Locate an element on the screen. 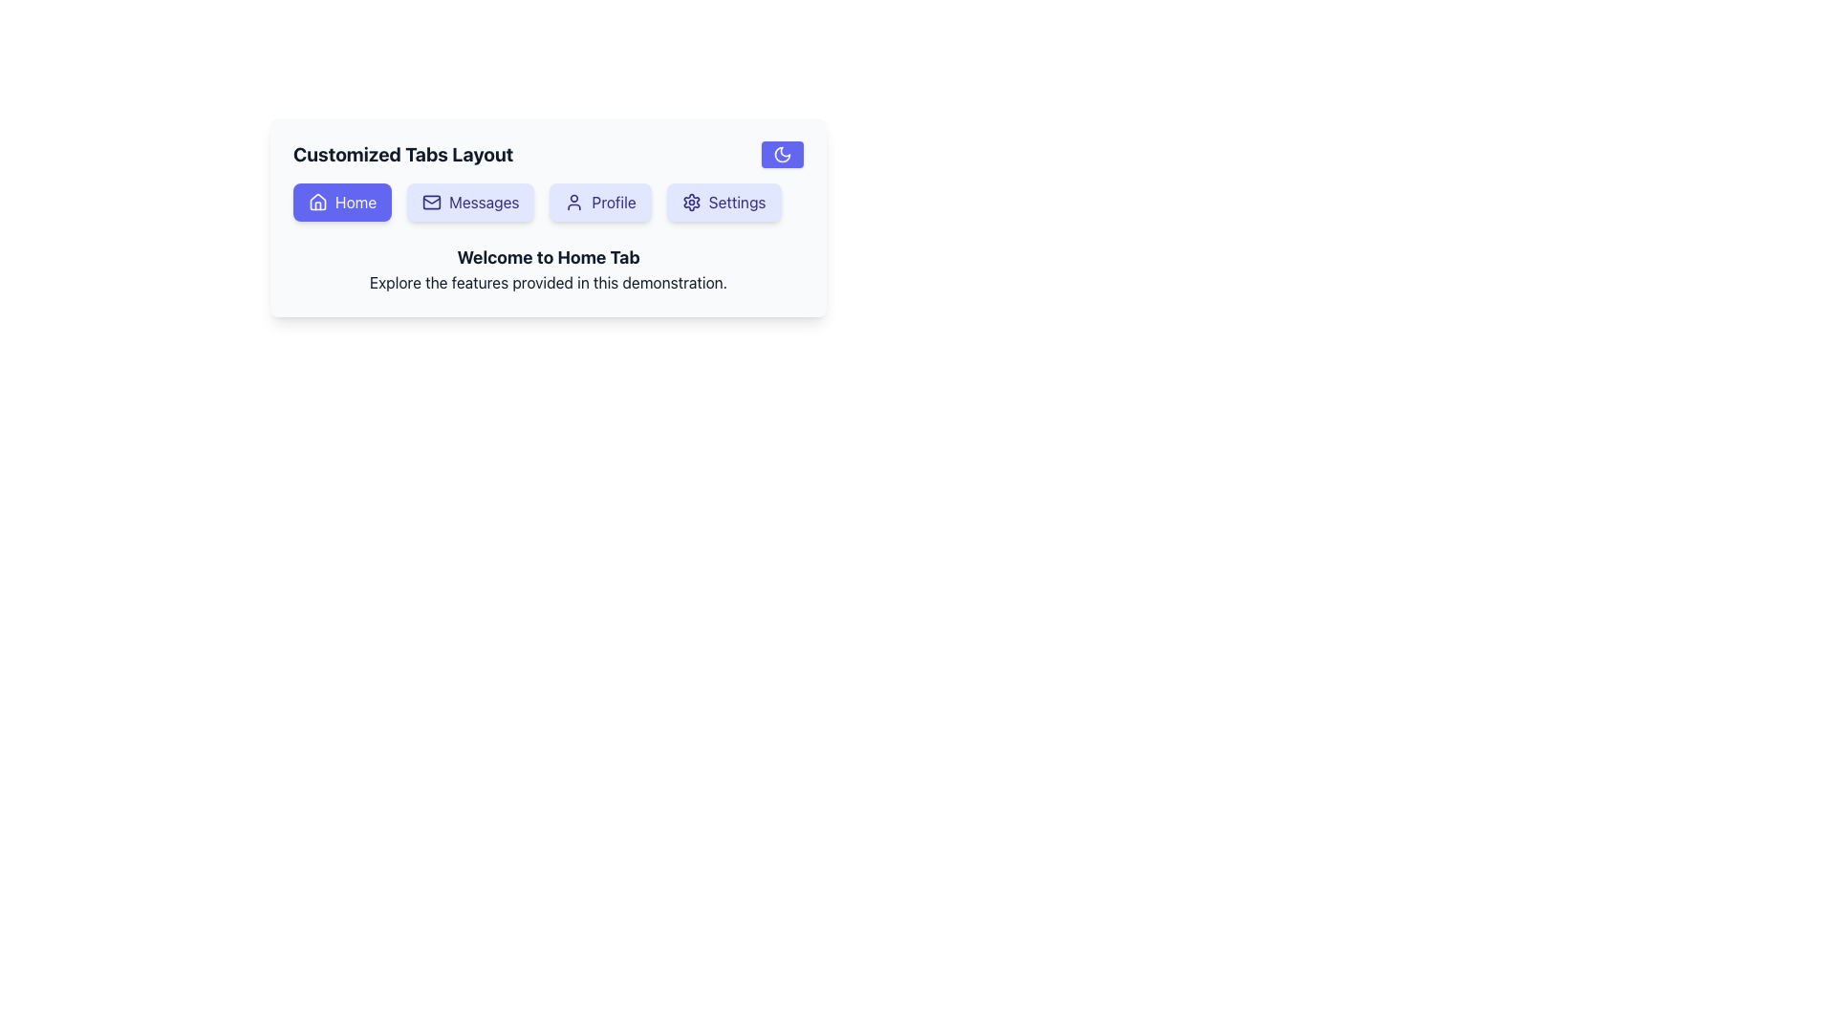 Image resolution: width=1835 pixels, height=1032 pixels. text content of the two-line text block that says 'Welcome to Home Tab' and 'Explore the features provided in this demonstration.' is located at coordinates (548, 269).